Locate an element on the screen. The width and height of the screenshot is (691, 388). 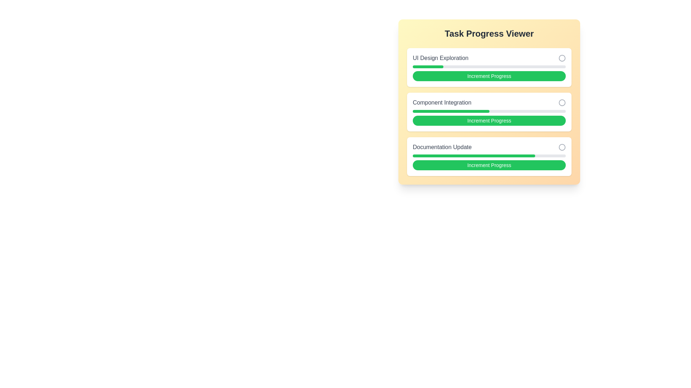
the Task title element displaying 'Documentation Update' with a status indicator, located in the third position of the vertical stack in the 'Task Progress Viewer' is located at coordinates (489, 147).